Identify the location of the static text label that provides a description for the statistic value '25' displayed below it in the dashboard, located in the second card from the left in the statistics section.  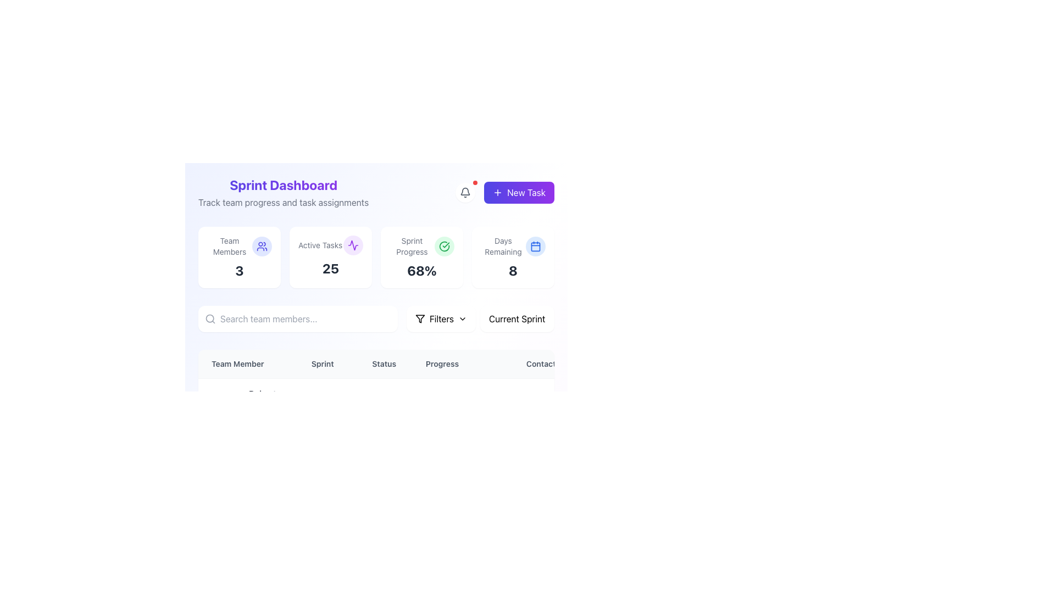
(320, 245).